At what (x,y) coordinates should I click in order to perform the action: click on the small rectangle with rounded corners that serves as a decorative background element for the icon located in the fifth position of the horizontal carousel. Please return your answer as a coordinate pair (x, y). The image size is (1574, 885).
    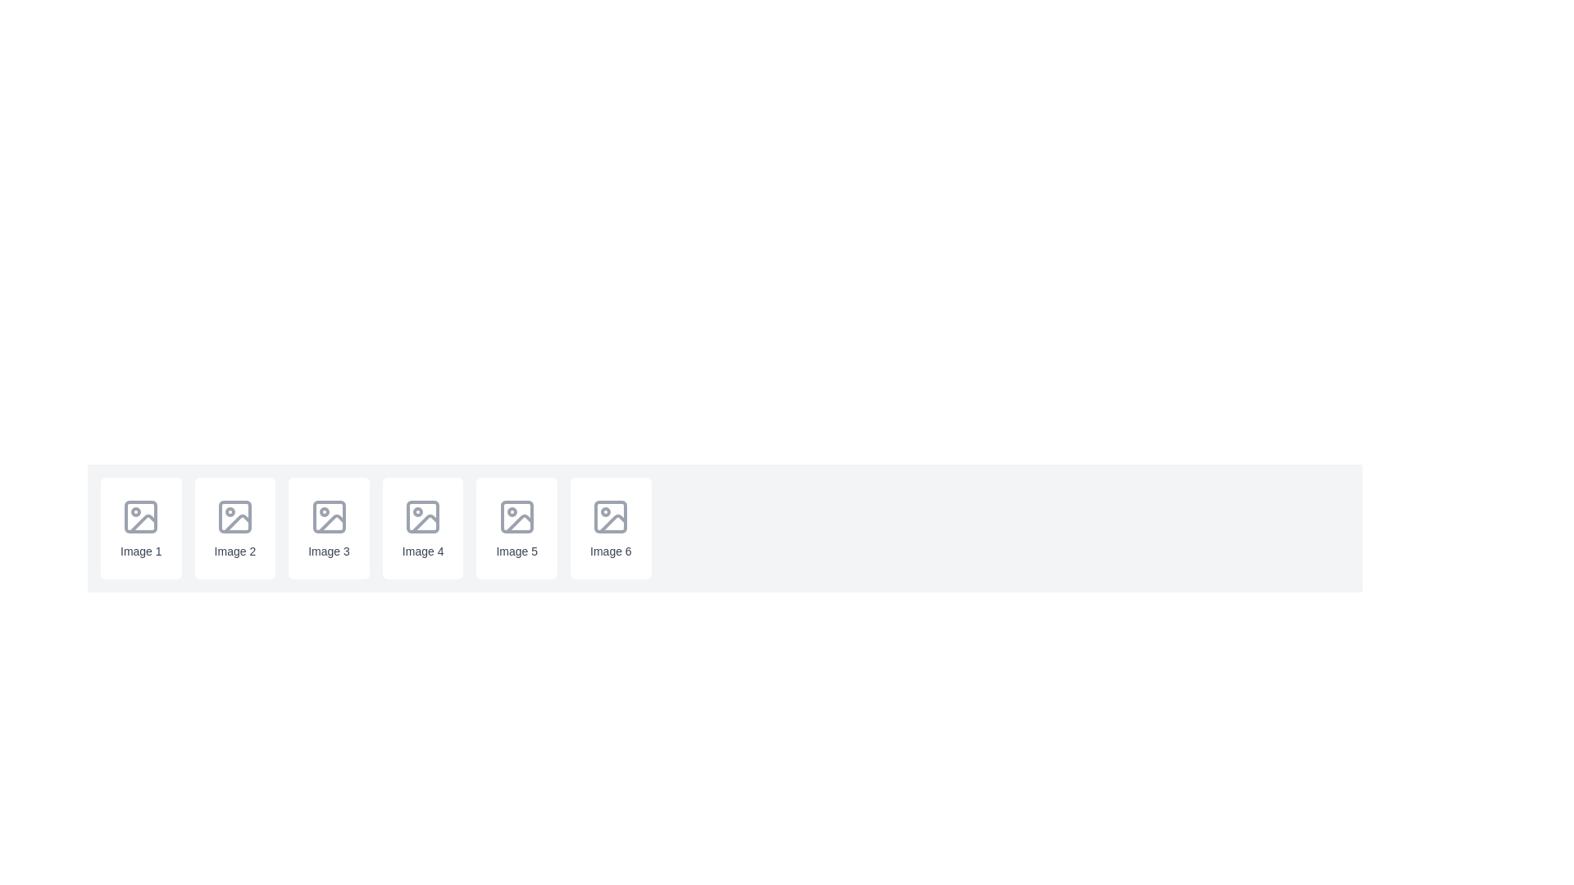
    Looking at the image, I should click on (516, 517).